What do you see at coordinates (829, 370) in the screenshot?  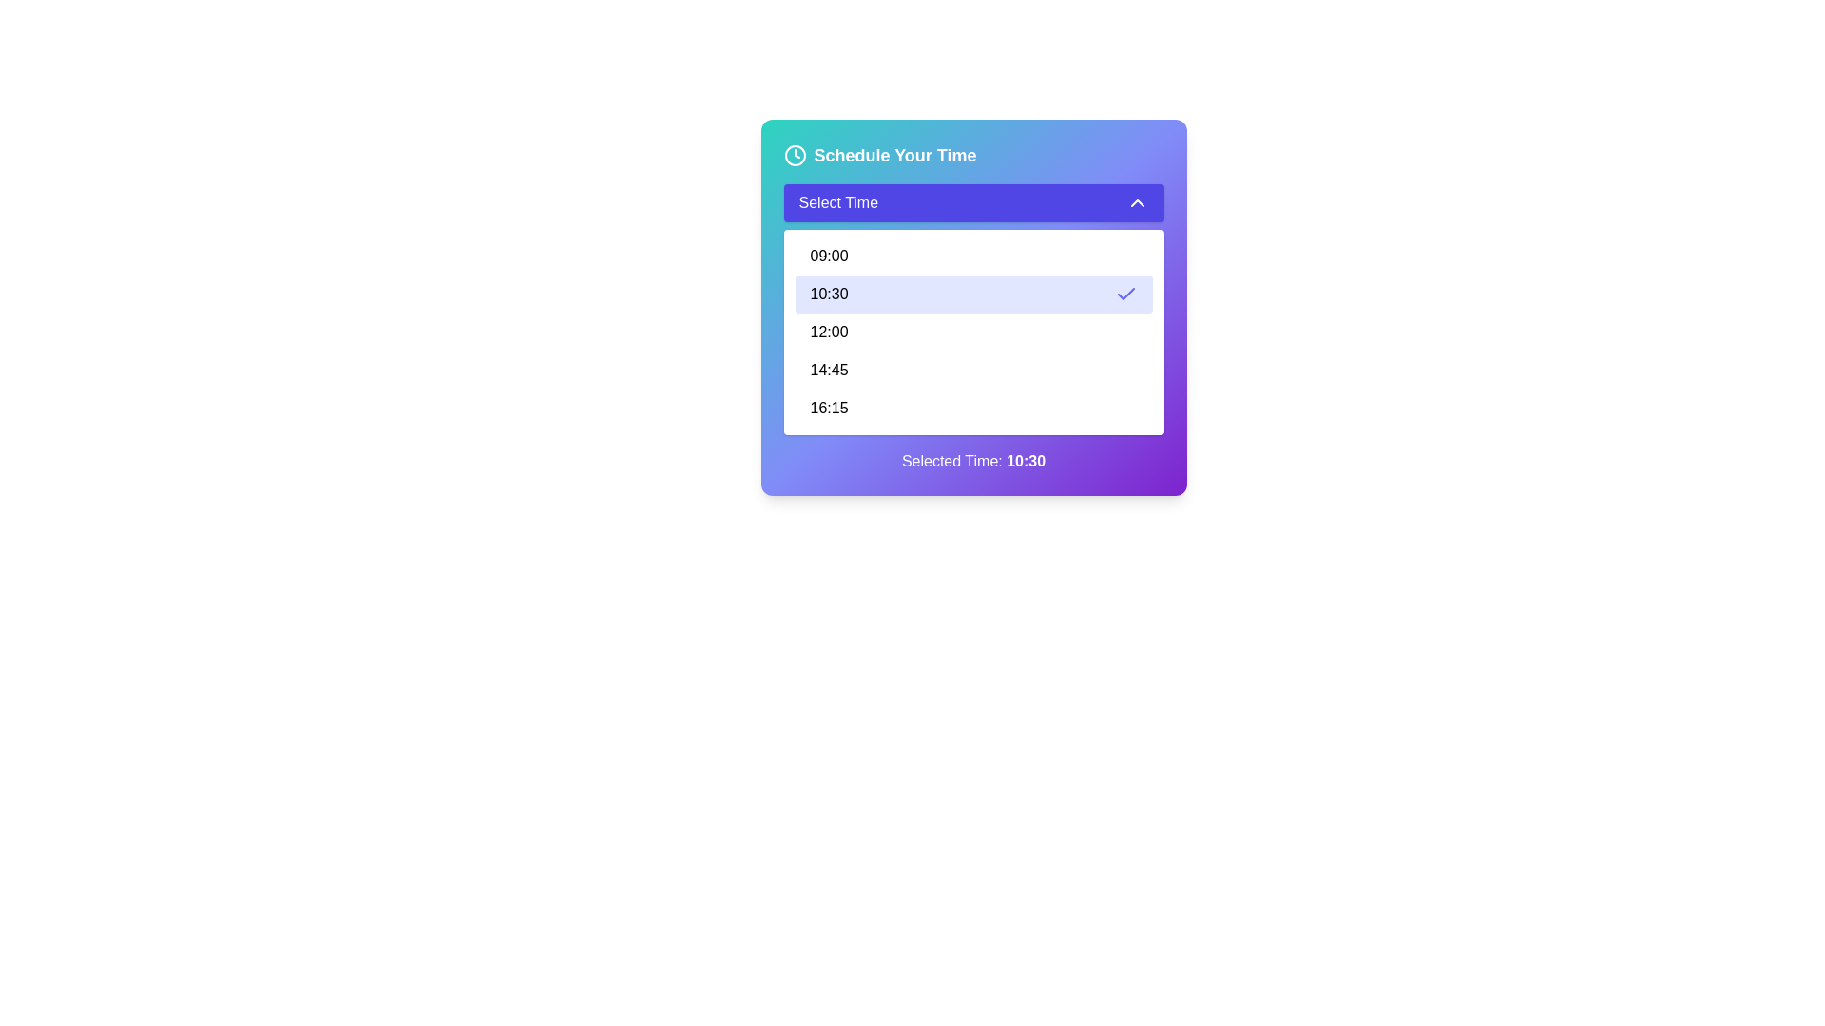 I see `the static text label showing the time '14:45' within the dropdown menu of the time scheduler interface` at bounding box center [829, 370].